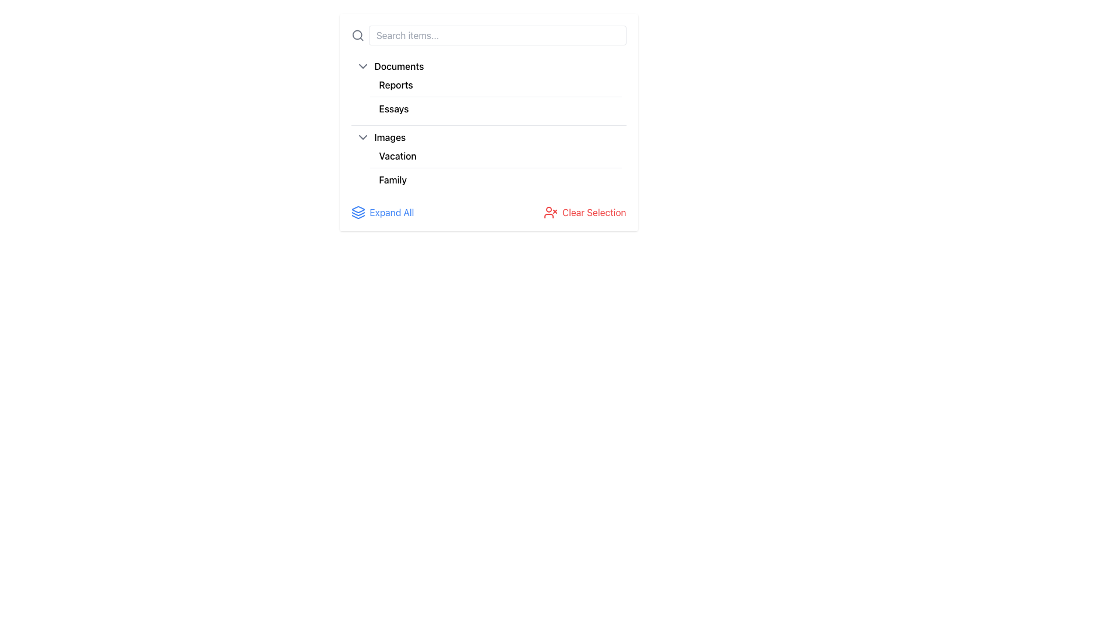  Describe the element at coordinates (550, 213) in the screenshot. I see `the icon located to the left of the text within the 'Clear Selection' button to interact with it` at that location.